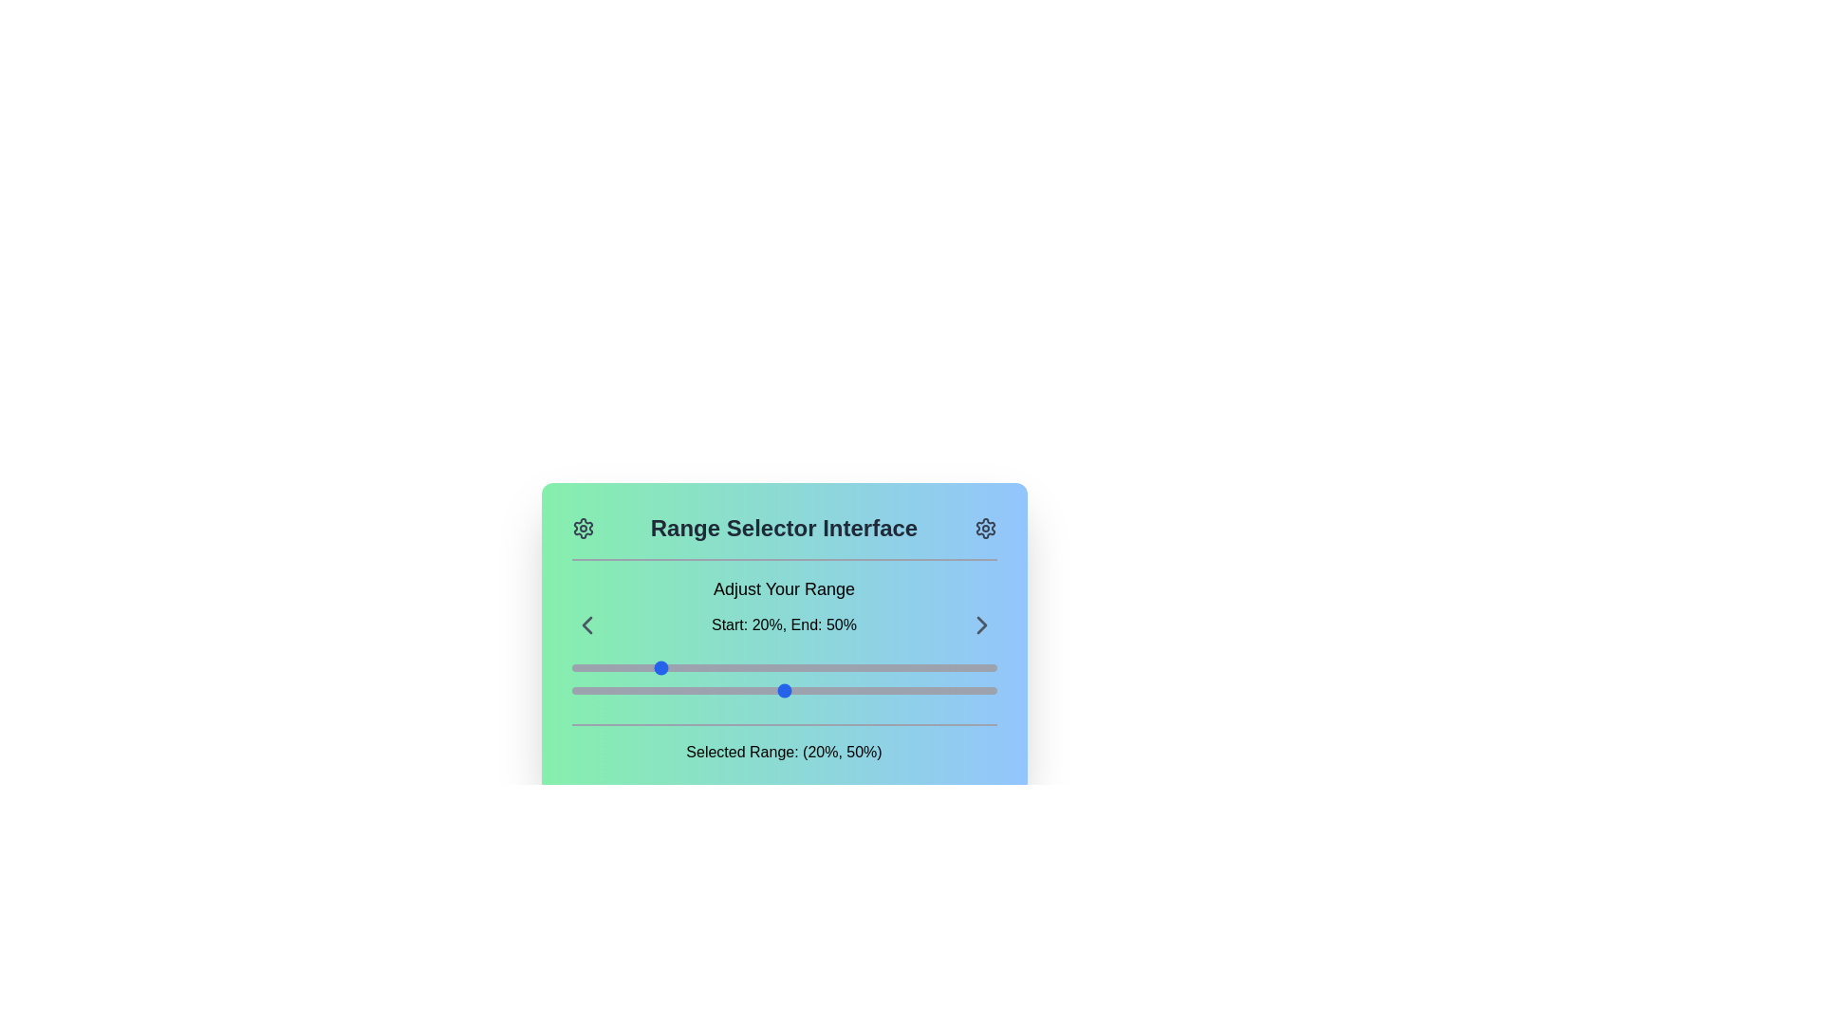 The image size is (1822, 1025). Describe the element at coordinates (784, 638) in the screenshot. I see `the static text that provides feedback on the range adjustment settings, which is located at the center of the 'Range Selector Interface' above the two sliders` at that location.